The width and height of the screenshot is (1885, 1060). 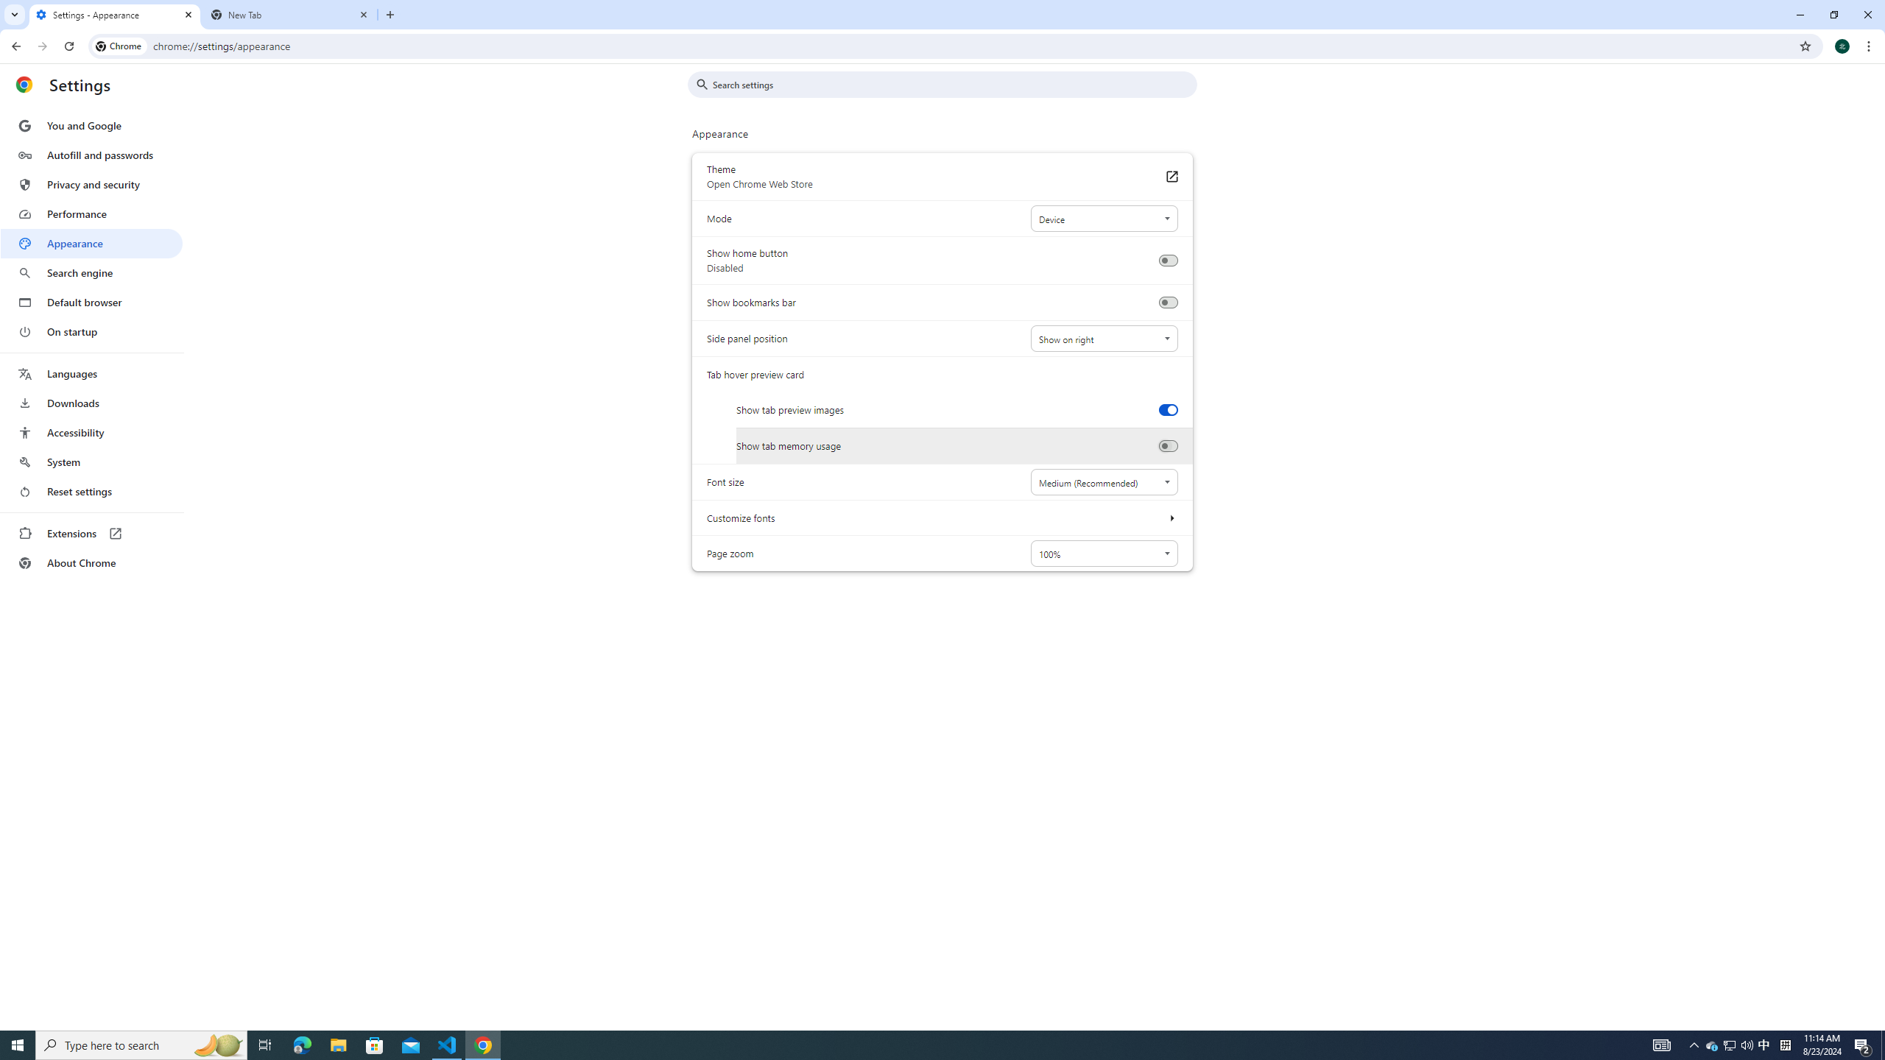 I want to click on 'Privacy and security', so click(x=91, y=183).